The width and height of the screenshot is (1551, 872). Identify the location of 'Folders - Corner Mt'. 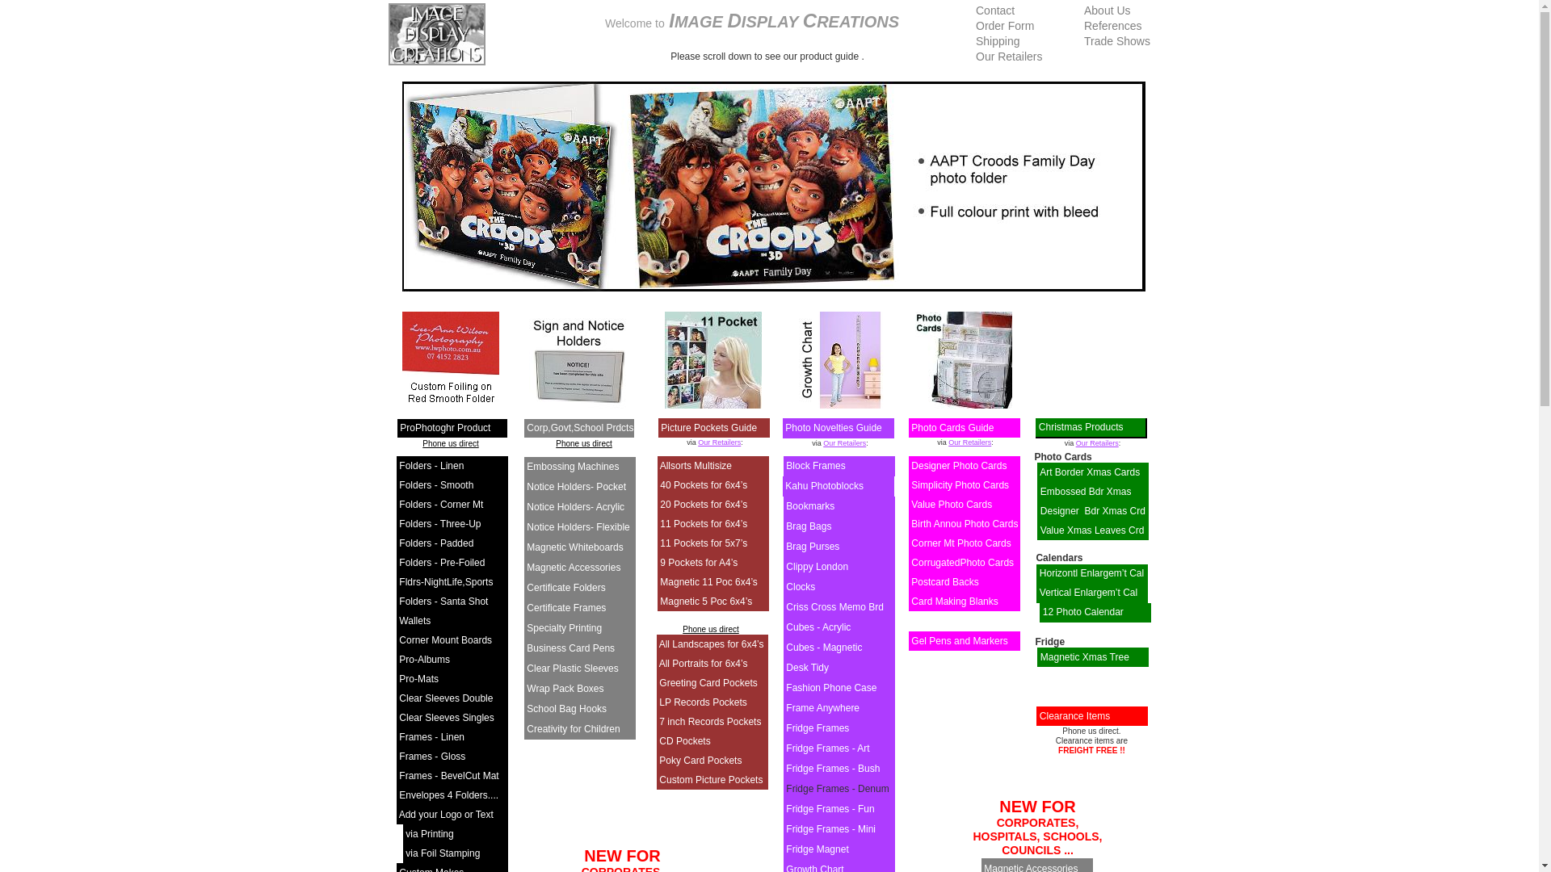
(441, 503).